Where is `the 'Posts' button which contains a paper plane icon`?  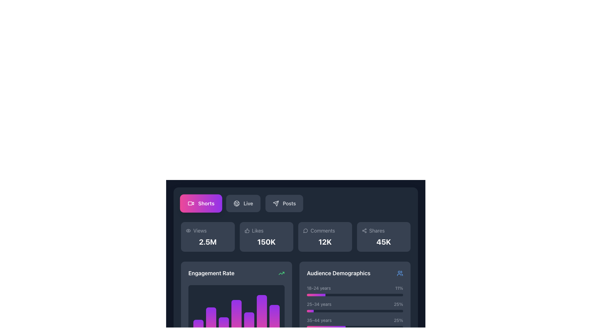
the 'Posts' button which contains a paper plane icon is located at coordinates (276, 203).